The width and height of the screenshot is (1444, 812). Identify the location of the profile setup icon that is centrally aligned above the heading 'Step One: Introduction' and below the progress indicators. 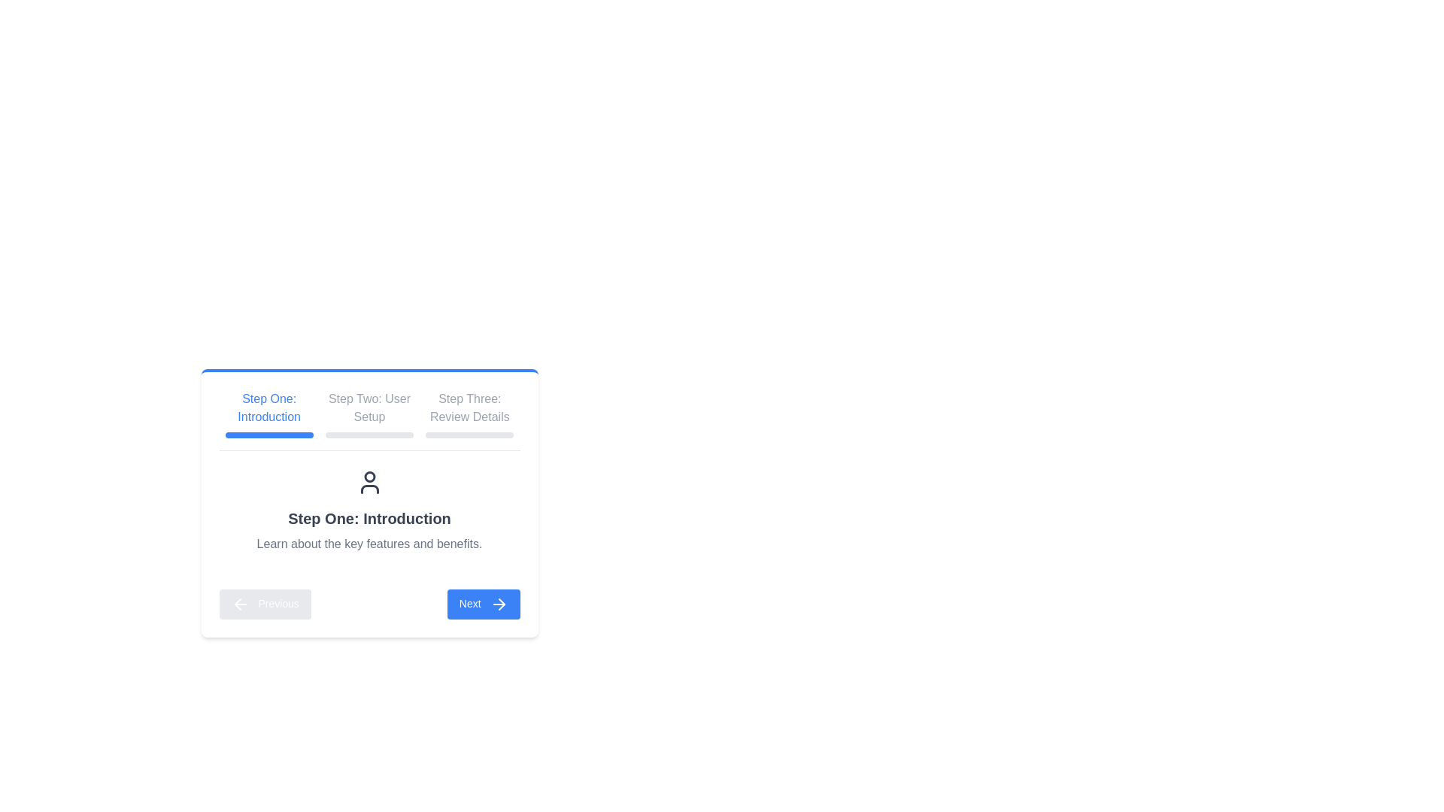
(369, 482).